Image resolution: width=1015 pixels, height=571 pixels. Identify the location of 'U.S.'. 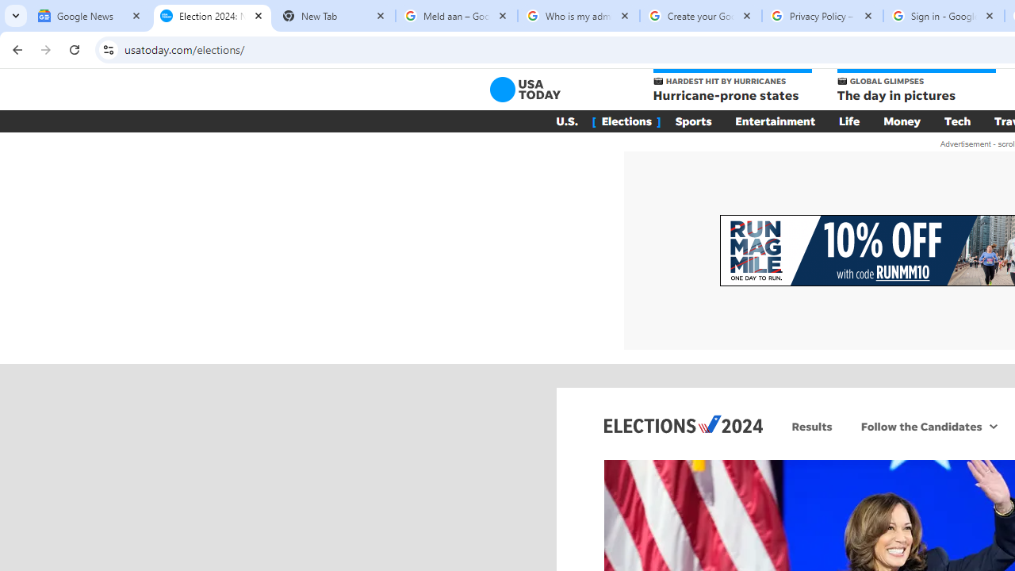
(566, 121).